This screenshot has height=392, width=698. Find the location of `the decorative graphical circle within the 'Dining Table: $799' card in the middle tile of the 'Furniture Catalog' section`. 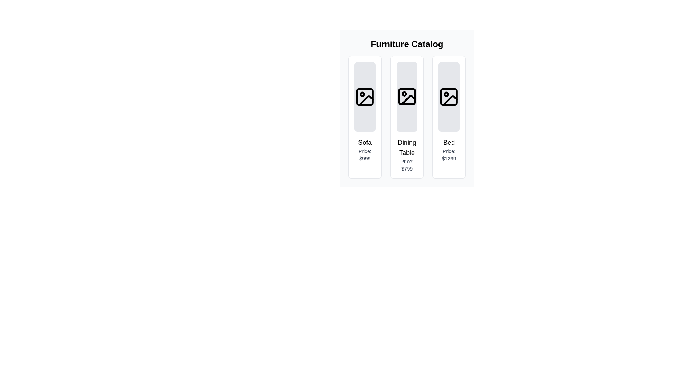

the decorative graphical circle within the 'Dining Table: $799' card in the middle tile of the 'Furniture Catalog' section is located at coordinates (404, 94).